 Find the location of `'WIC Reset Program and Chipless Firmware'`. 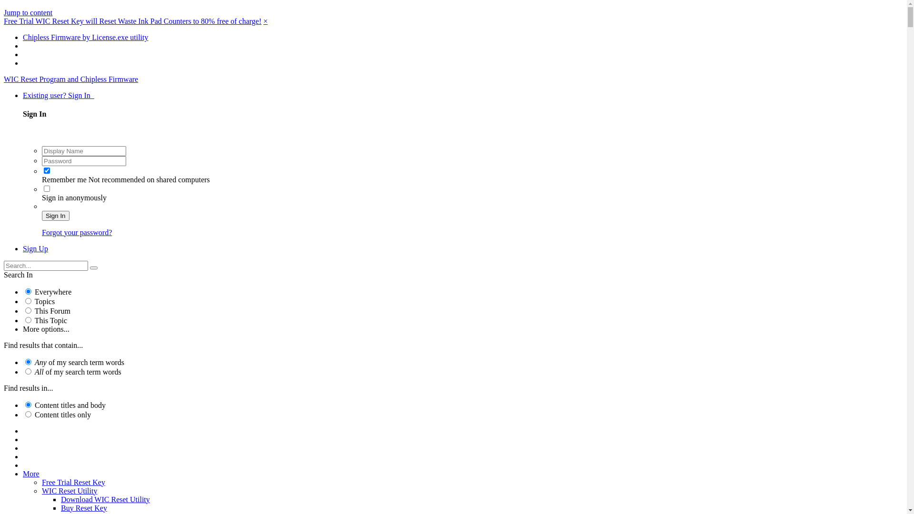

'WIC Reset Program and Chipless Firmware' is located at coordinates (4, 79).